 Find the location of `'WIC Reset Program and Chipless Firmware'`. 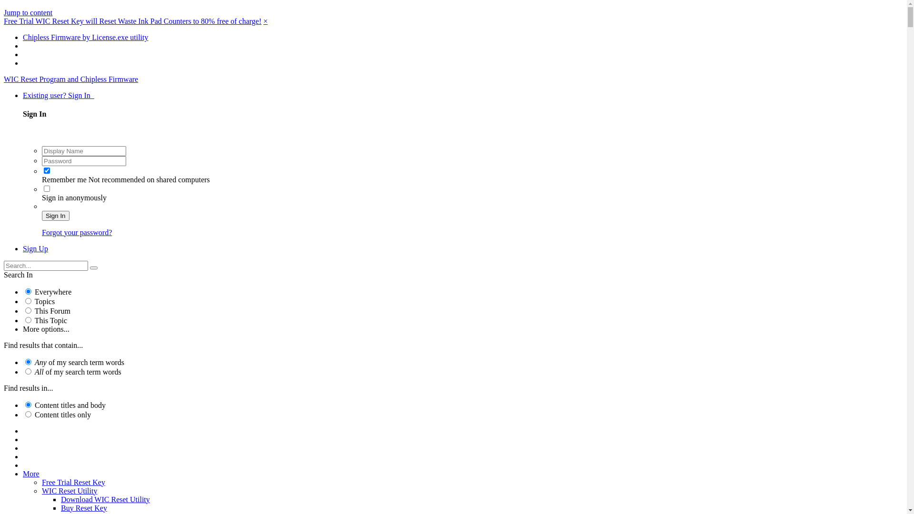

'WIC Reset Program and Chipless Firmware' is located at coordinates (4, 79).